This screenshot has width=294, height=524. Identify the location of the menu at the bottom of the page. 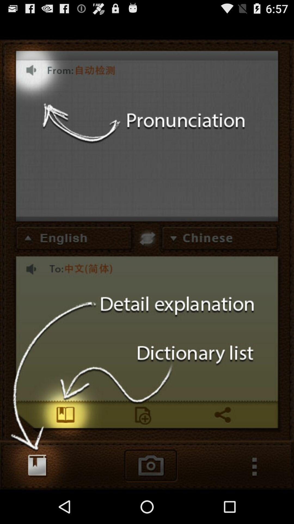
(258, 471).